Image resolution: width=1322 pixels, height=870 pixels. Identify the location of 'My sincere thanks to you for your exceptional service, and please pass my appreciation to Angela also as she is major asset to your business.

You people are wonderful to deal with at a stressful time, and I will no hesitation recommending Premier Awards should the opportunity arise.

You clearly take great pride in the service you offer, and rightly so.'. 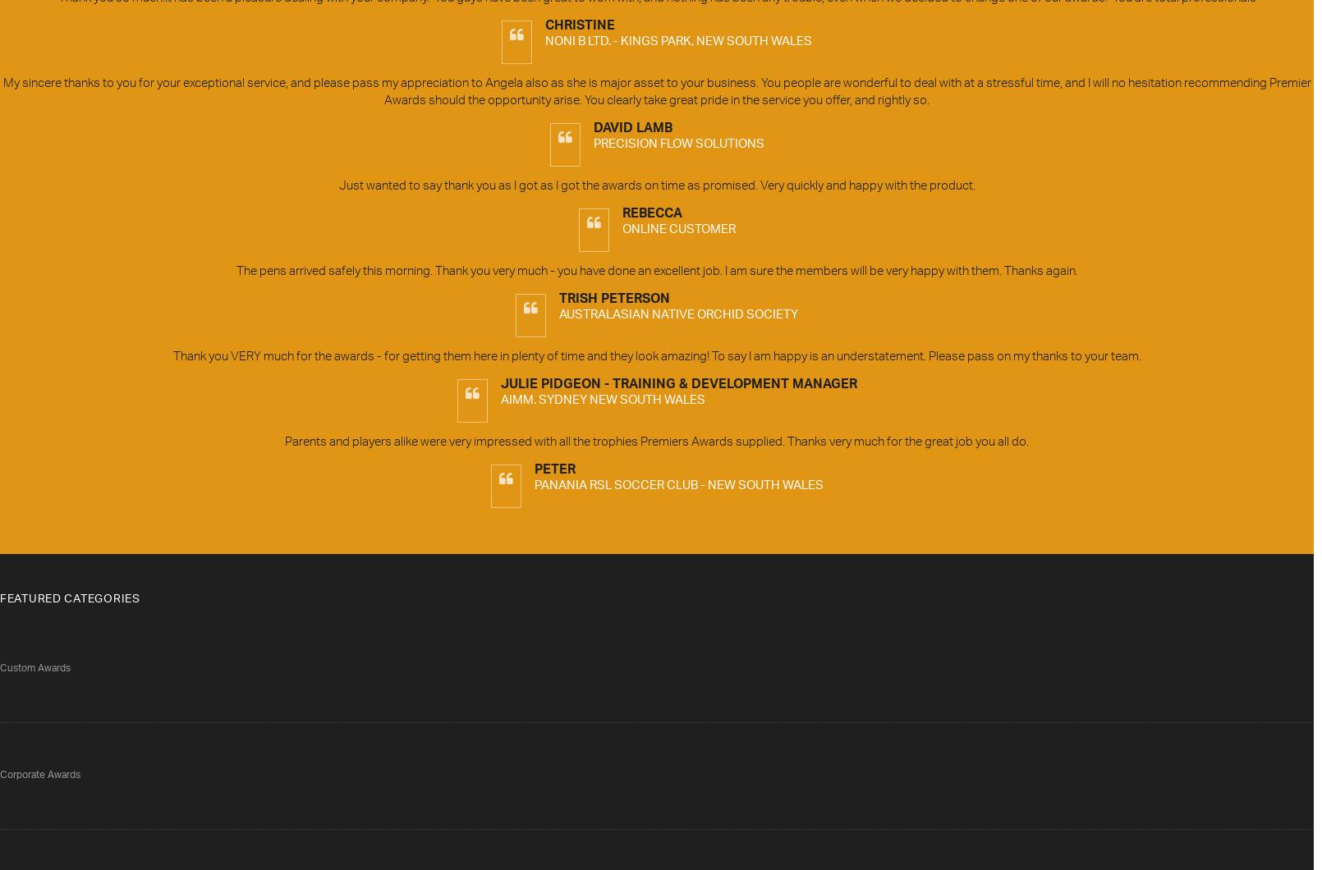
(655, 93).